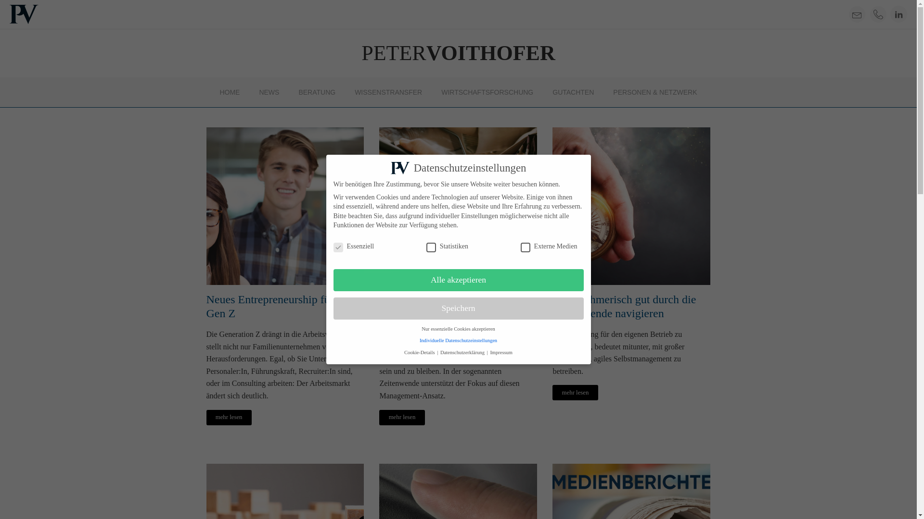  What do you see at coordinates (457, 308) in the screenshot?
I see `'Speichern'` at bounding box center [457, 308].